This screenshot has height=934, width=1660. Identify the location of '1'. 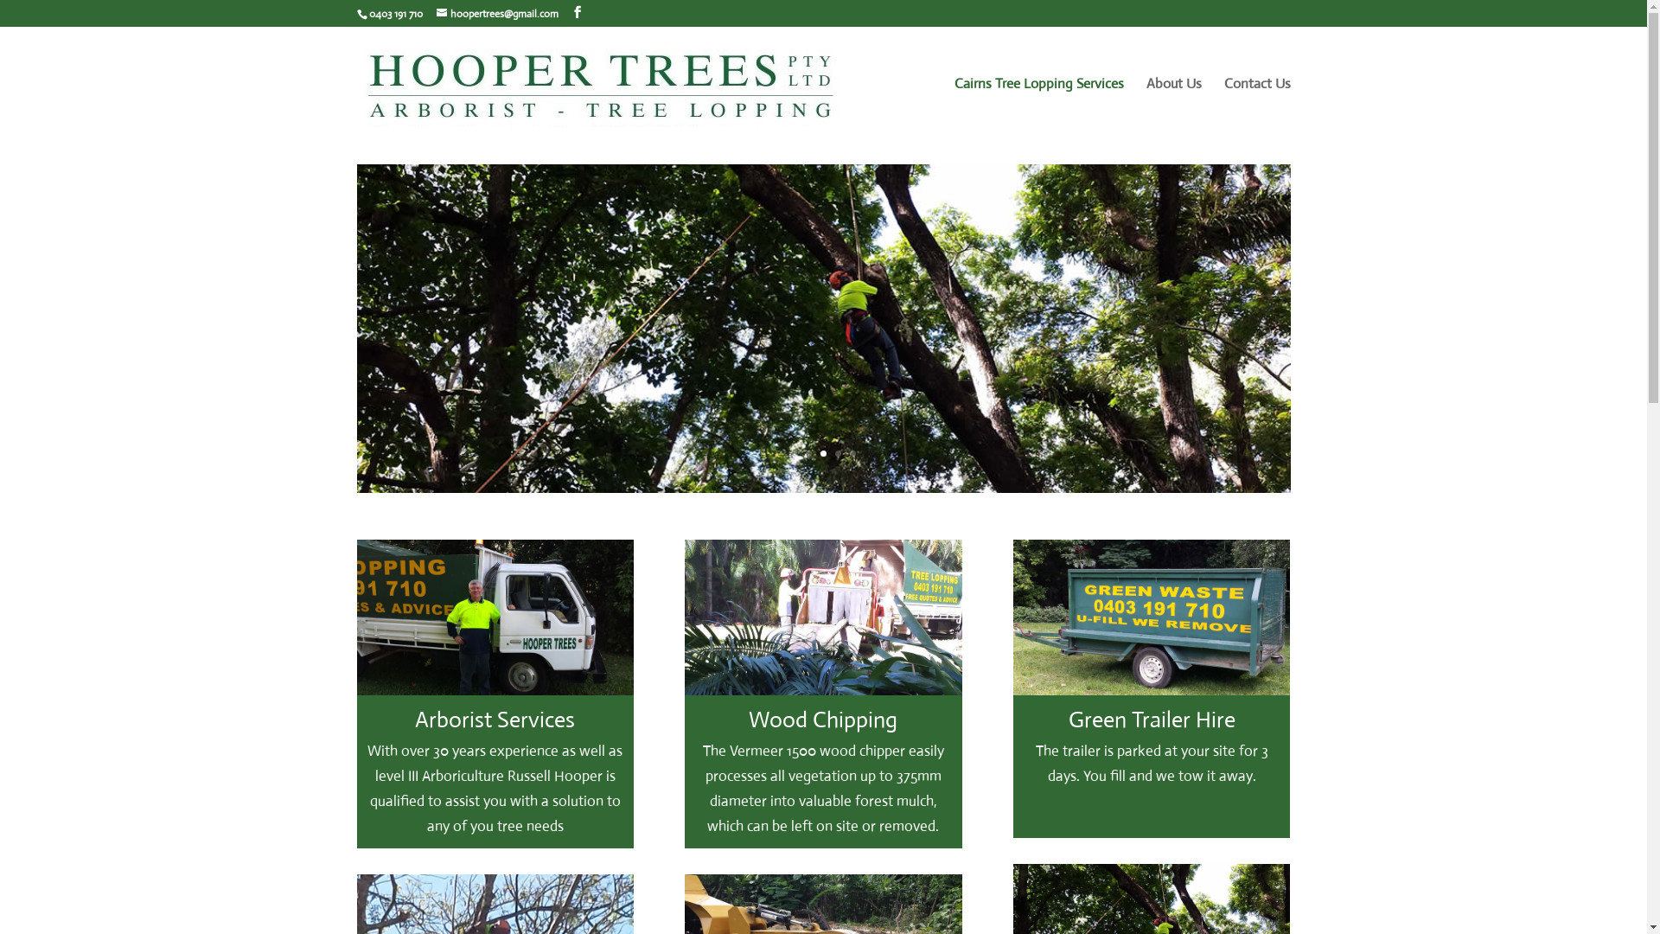
(793, 452).